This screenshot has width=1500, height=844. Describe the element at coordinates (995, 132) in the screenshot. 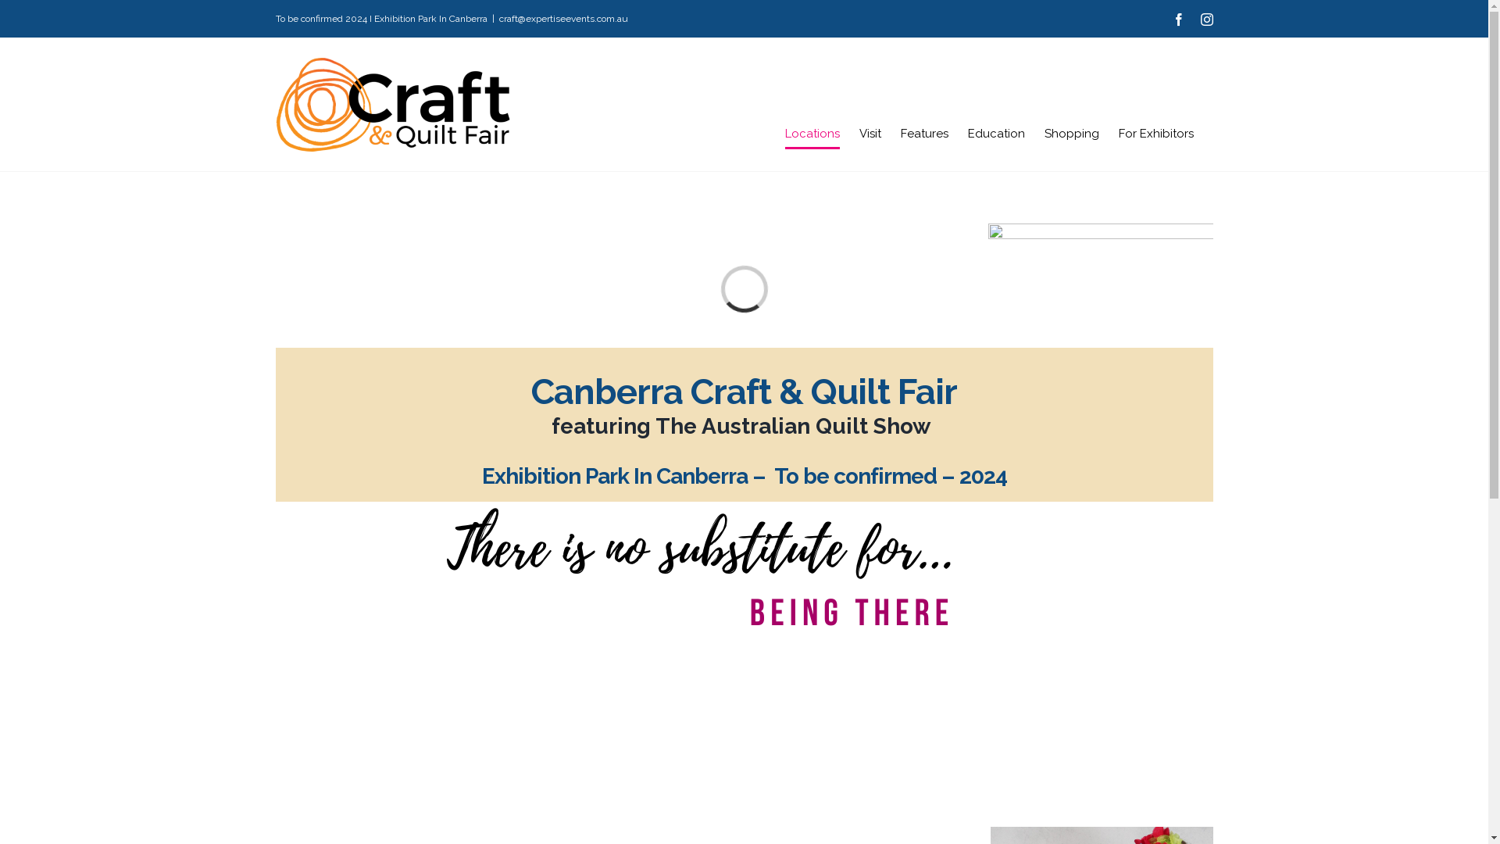

I see `'Education'` at that location.